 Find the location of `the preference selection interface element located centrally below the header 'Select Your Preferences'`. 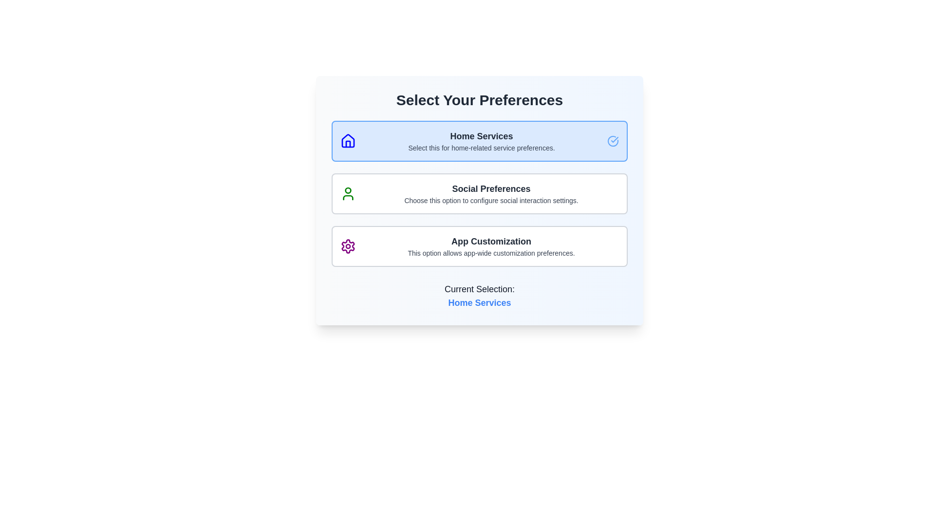

the preference selection interface element located centrally below the header 'Select Your Preferences' is located at coordinates (479, 200).